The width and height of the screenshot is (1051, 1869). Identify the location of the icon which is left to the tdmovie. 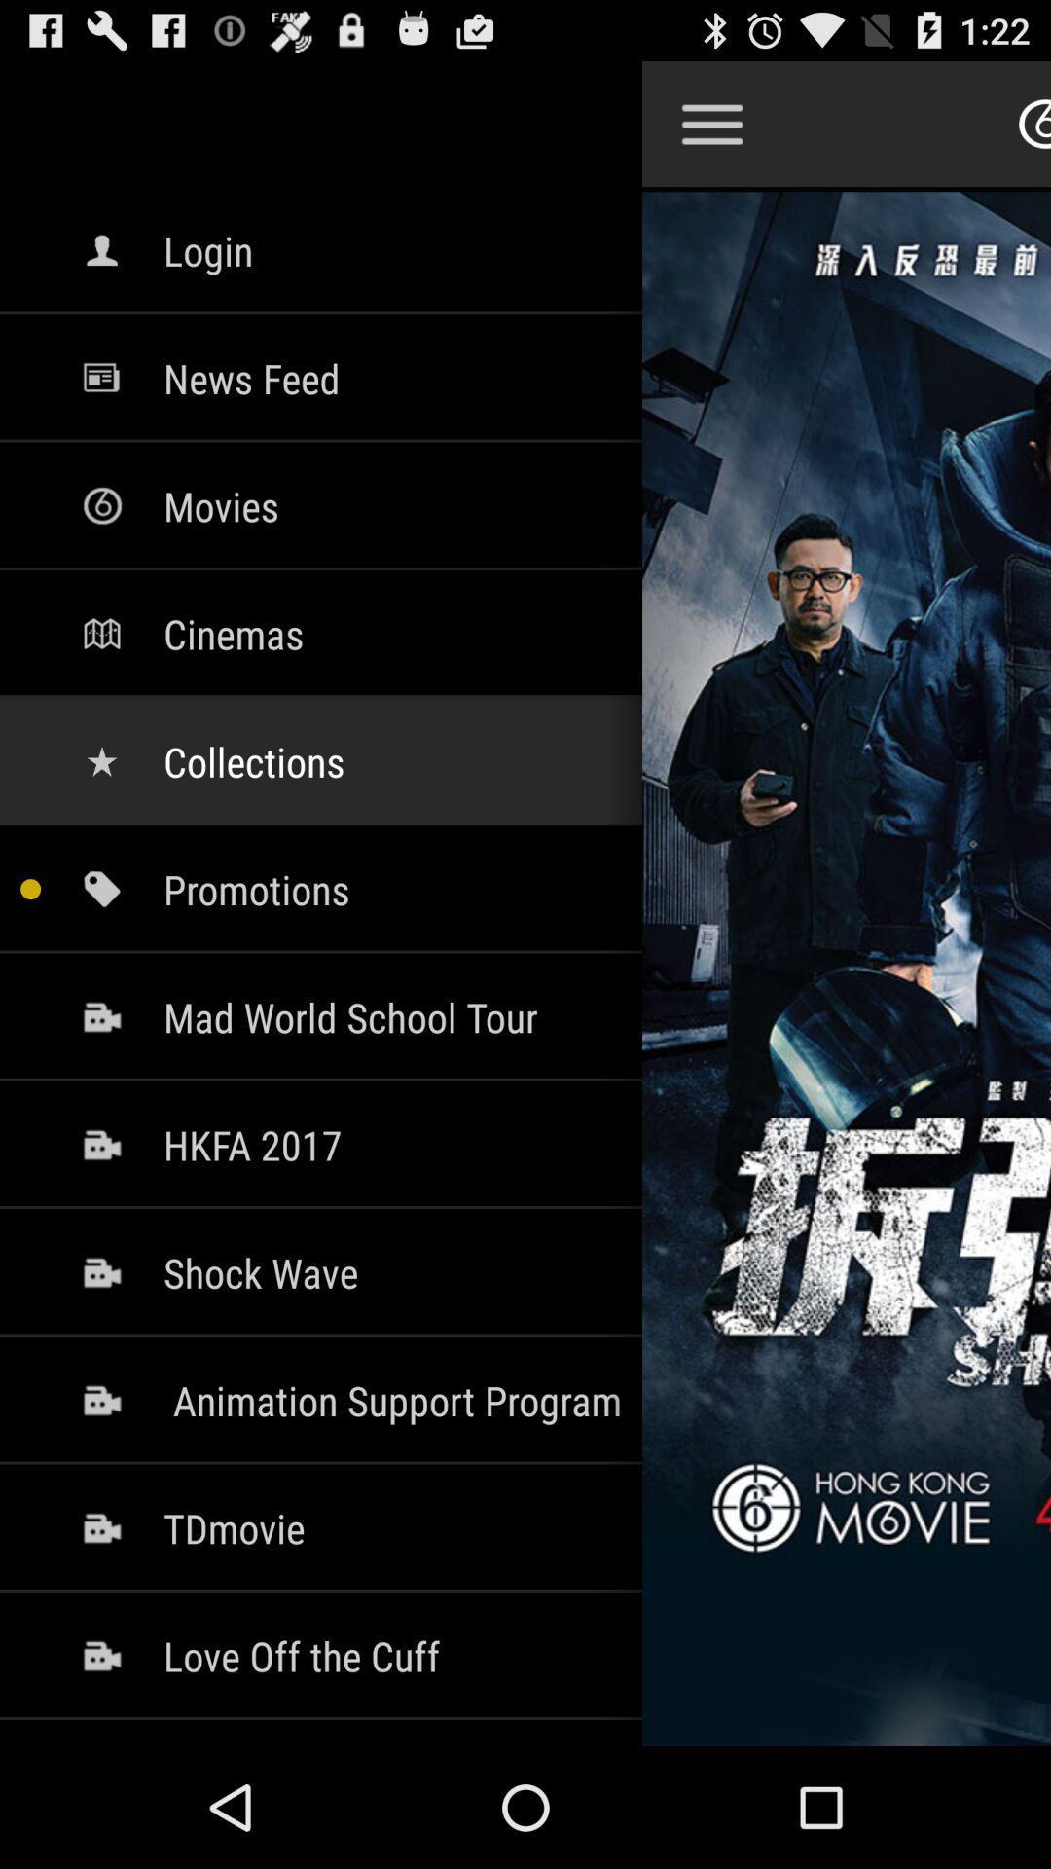
(101, 1526).